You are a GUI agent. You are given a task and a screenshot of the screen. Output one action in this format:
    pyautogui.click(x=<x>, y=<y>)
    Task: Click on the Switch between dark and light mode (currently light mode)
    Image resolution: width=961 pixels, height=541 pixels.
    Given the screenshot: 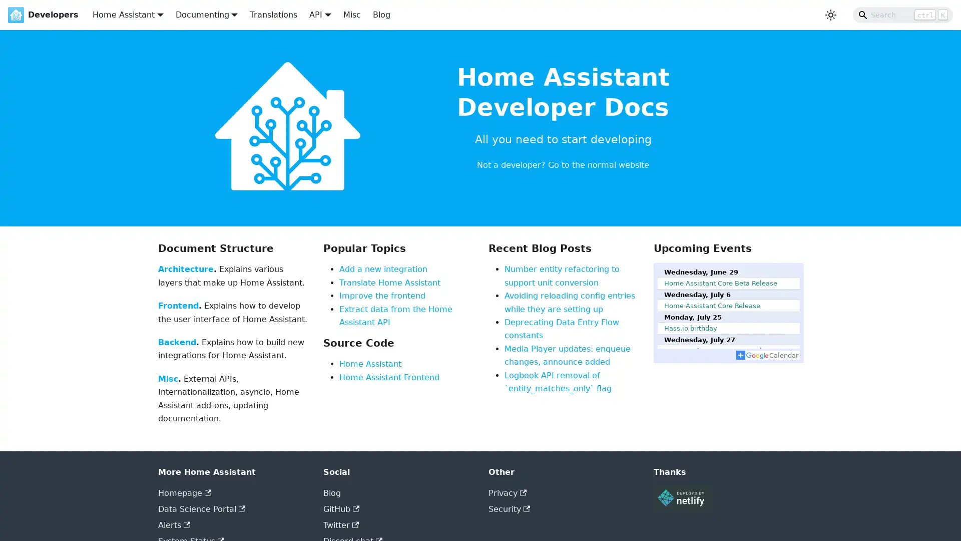 What is the action you would take?
    pyautogui.click(x=831, y=15)
    